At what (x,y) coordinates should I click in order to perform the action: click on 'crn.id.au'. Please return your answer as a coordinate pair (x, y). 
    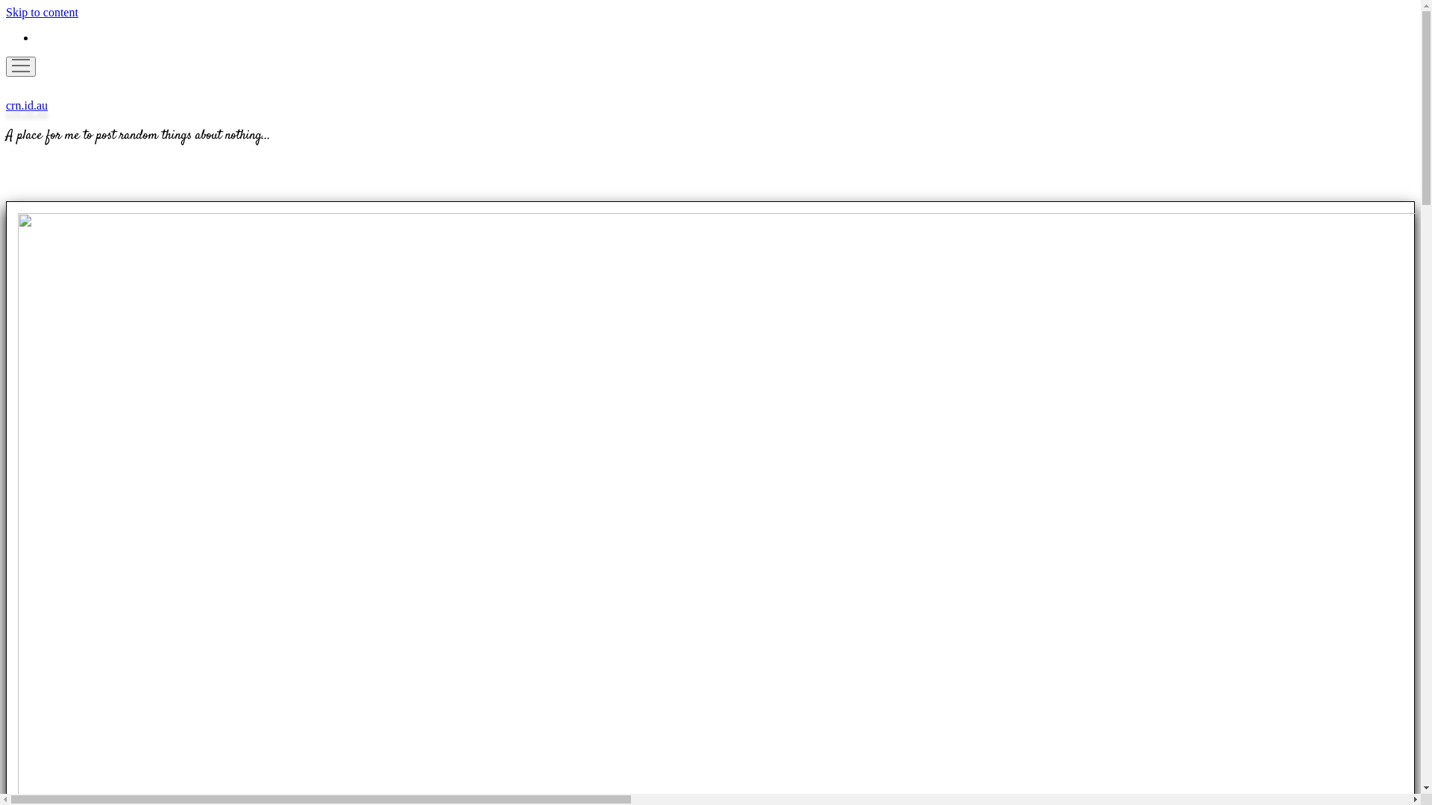
    Looking at the image, I should click on (6, 104).